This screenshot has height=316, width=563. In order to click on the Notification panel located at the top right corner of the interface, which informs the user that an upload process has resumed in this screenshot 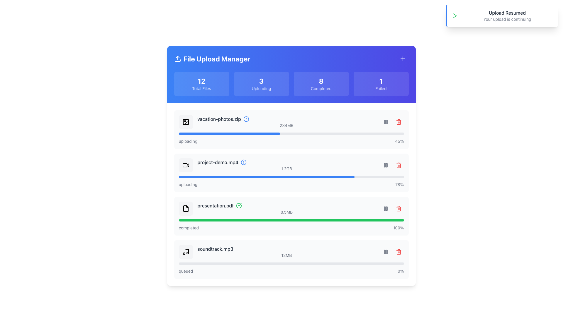, I will do `click(502, 16)`.